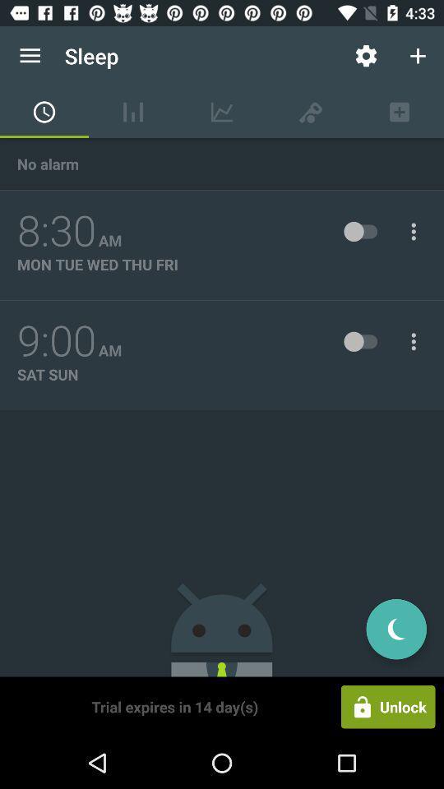  I want to click on the item next to the am item, so click(56, 230).